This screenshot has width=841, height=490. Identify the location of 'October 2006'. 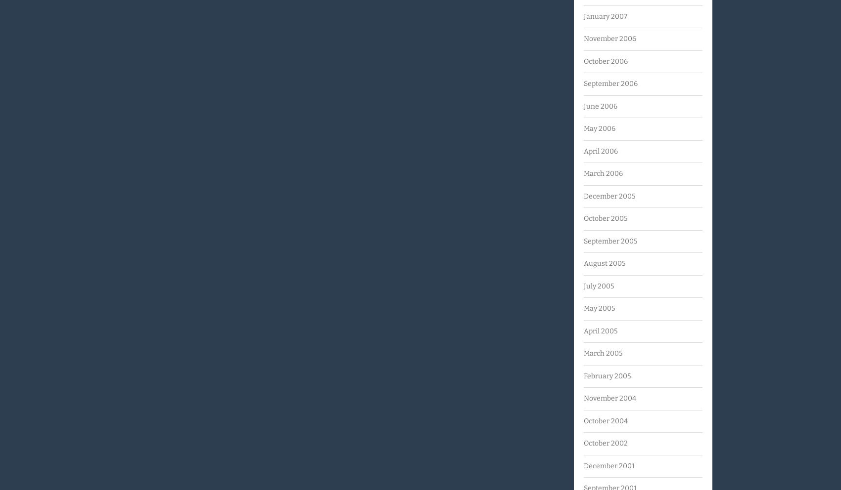
(605, 60).